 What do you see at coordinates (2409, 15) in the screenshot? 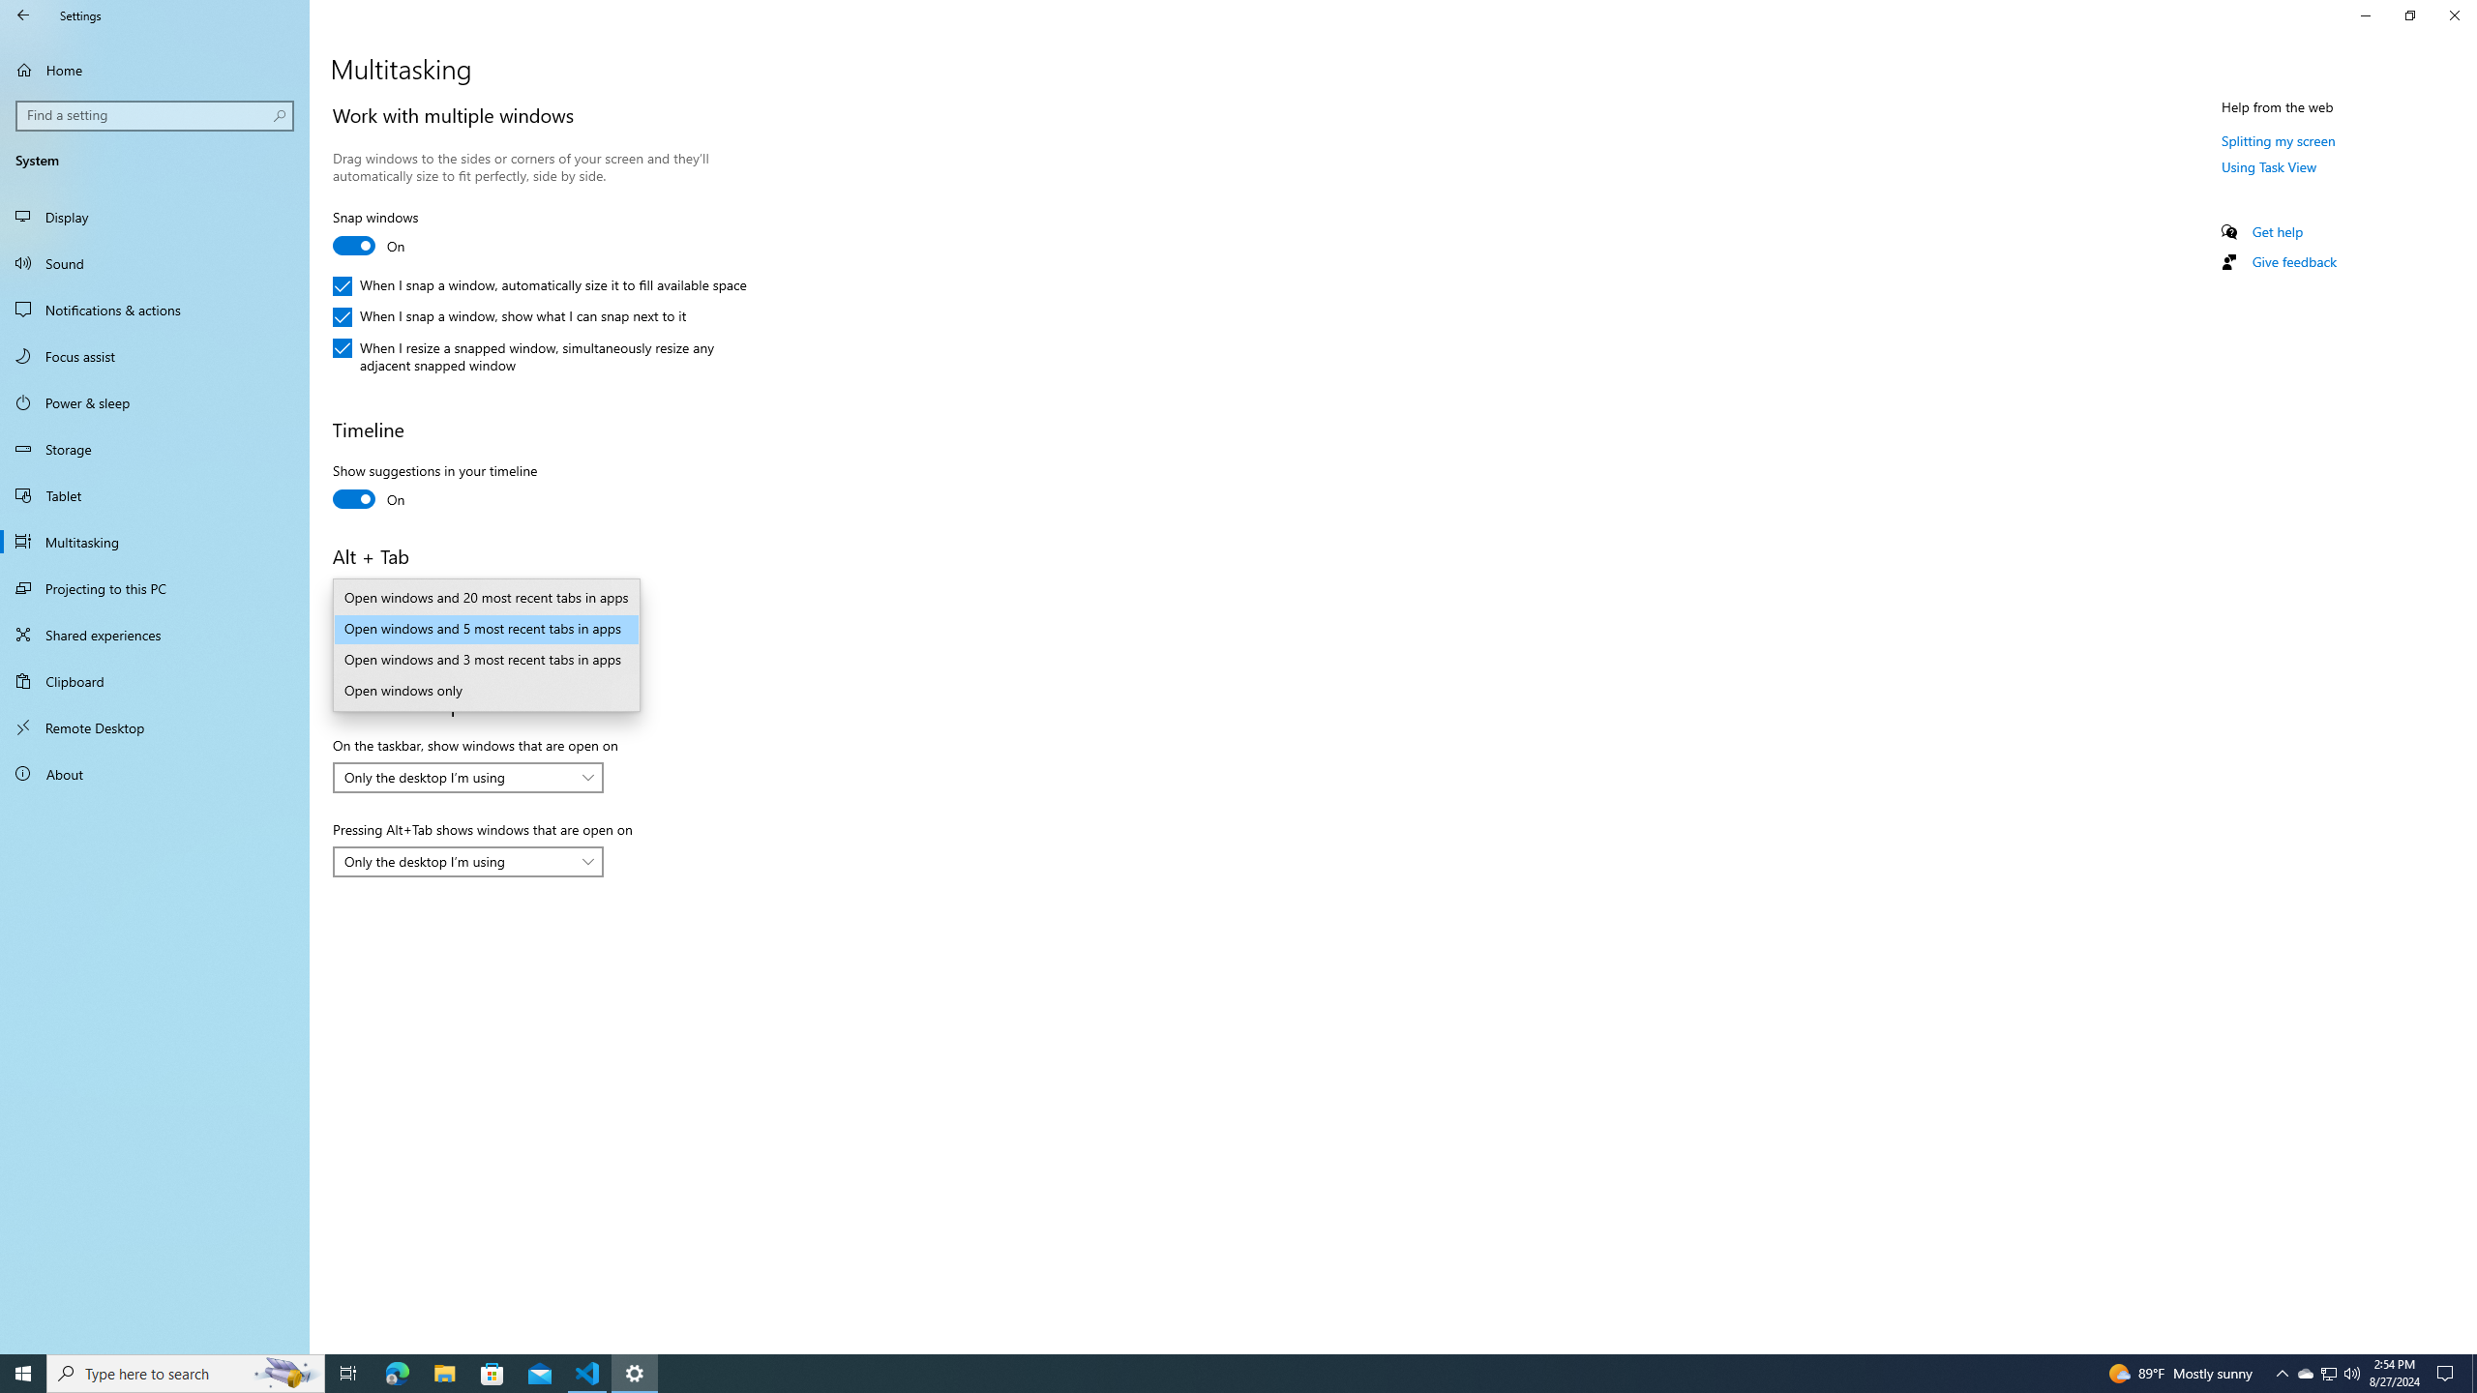
I see `'Restore Settings'` at bounding box center [2409, 15].